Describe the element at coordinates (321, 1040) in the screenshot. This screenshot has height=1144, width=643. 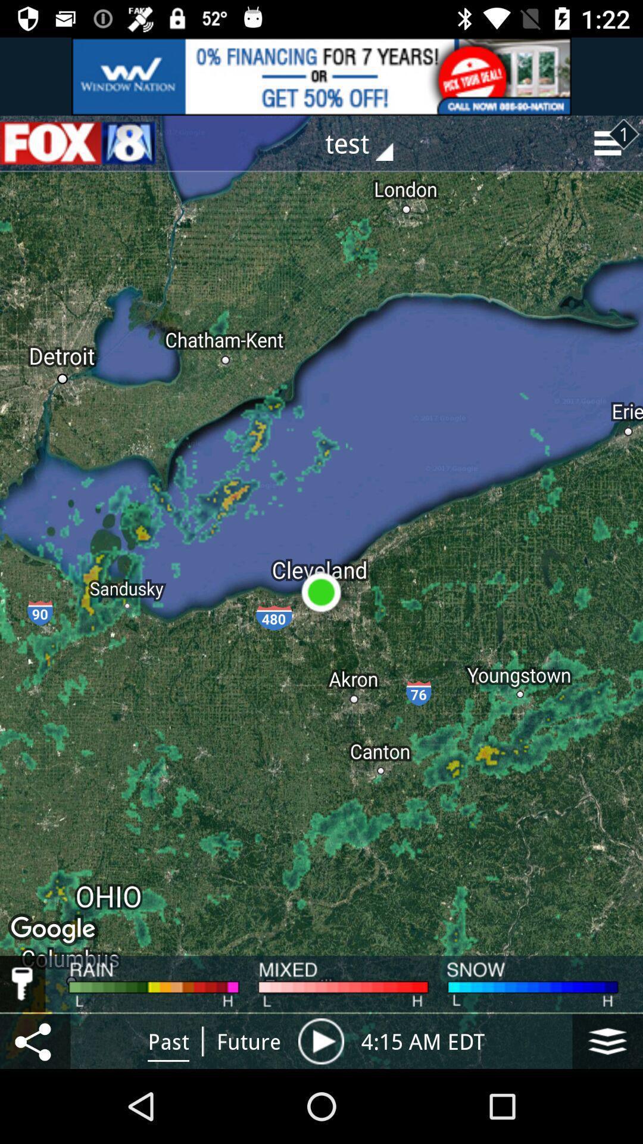
I see `pause` at that location.